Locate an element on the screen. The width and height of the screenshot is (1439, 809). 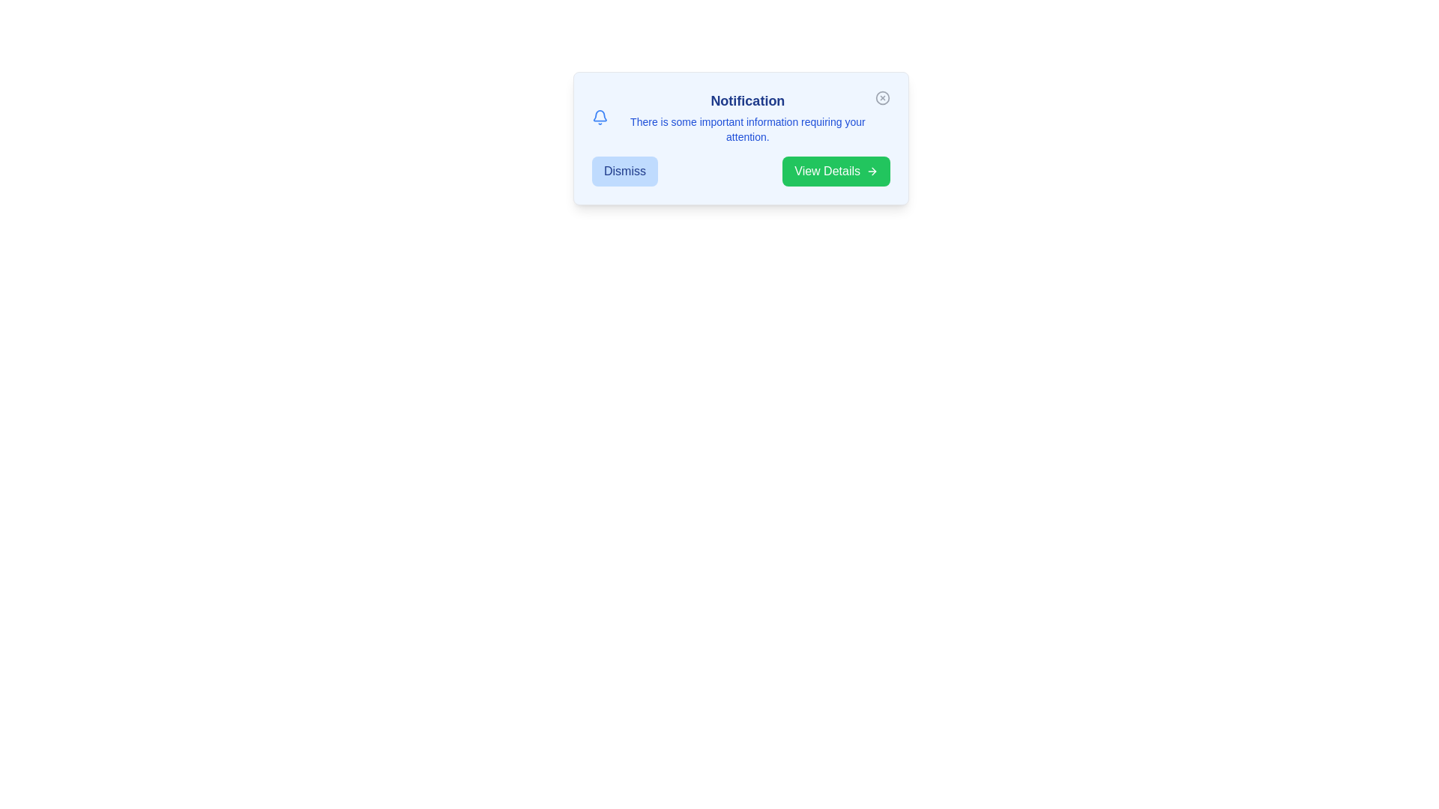
the bell icon to interact with the notification is located at coordinates (600, 117).